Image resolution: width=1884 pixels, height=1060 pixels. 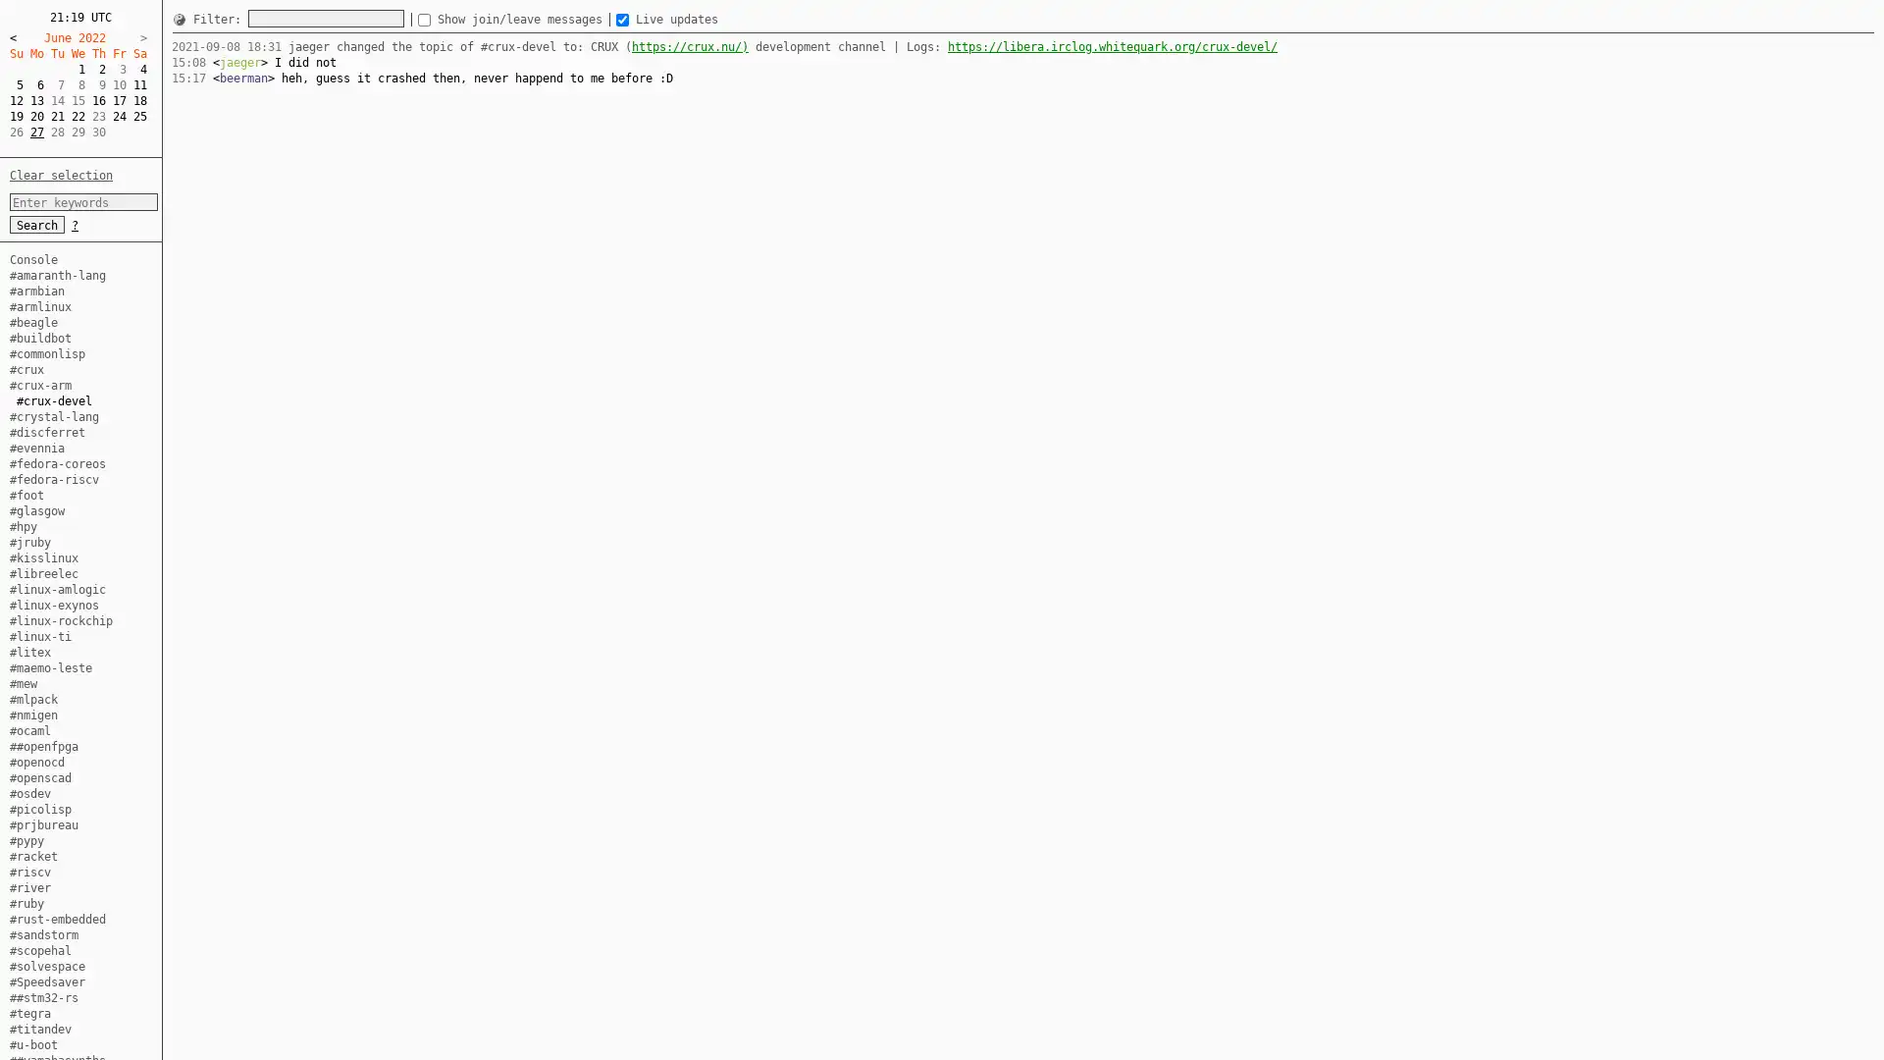 What do you see at coordinates (37, 223) in the screenshot?
I see `Search` at bounding box center [37, 223].